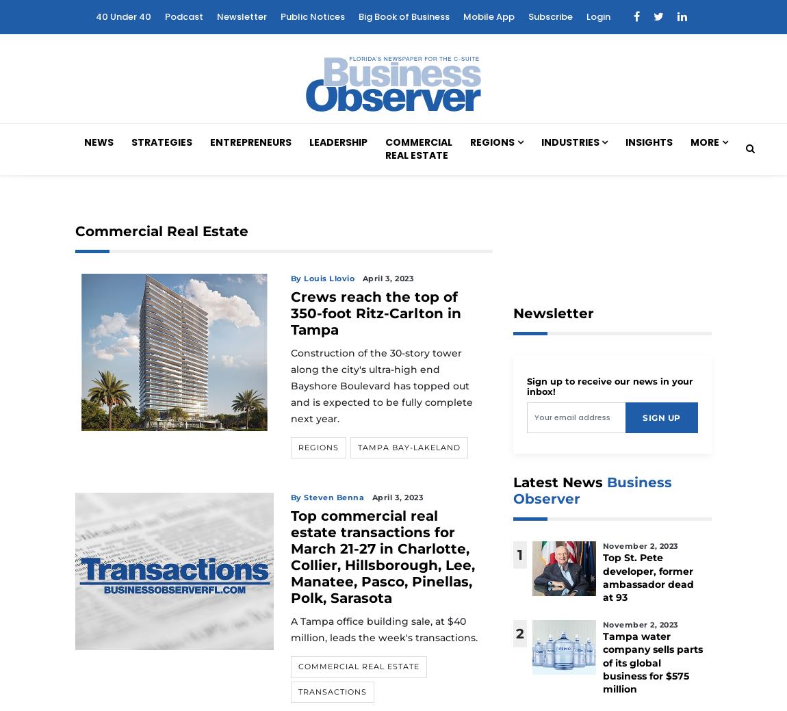  What do you see at coordinates (322, 277) in the screenshot?
I see `'By Louis Llovio'` at bounding box center [322, 277].